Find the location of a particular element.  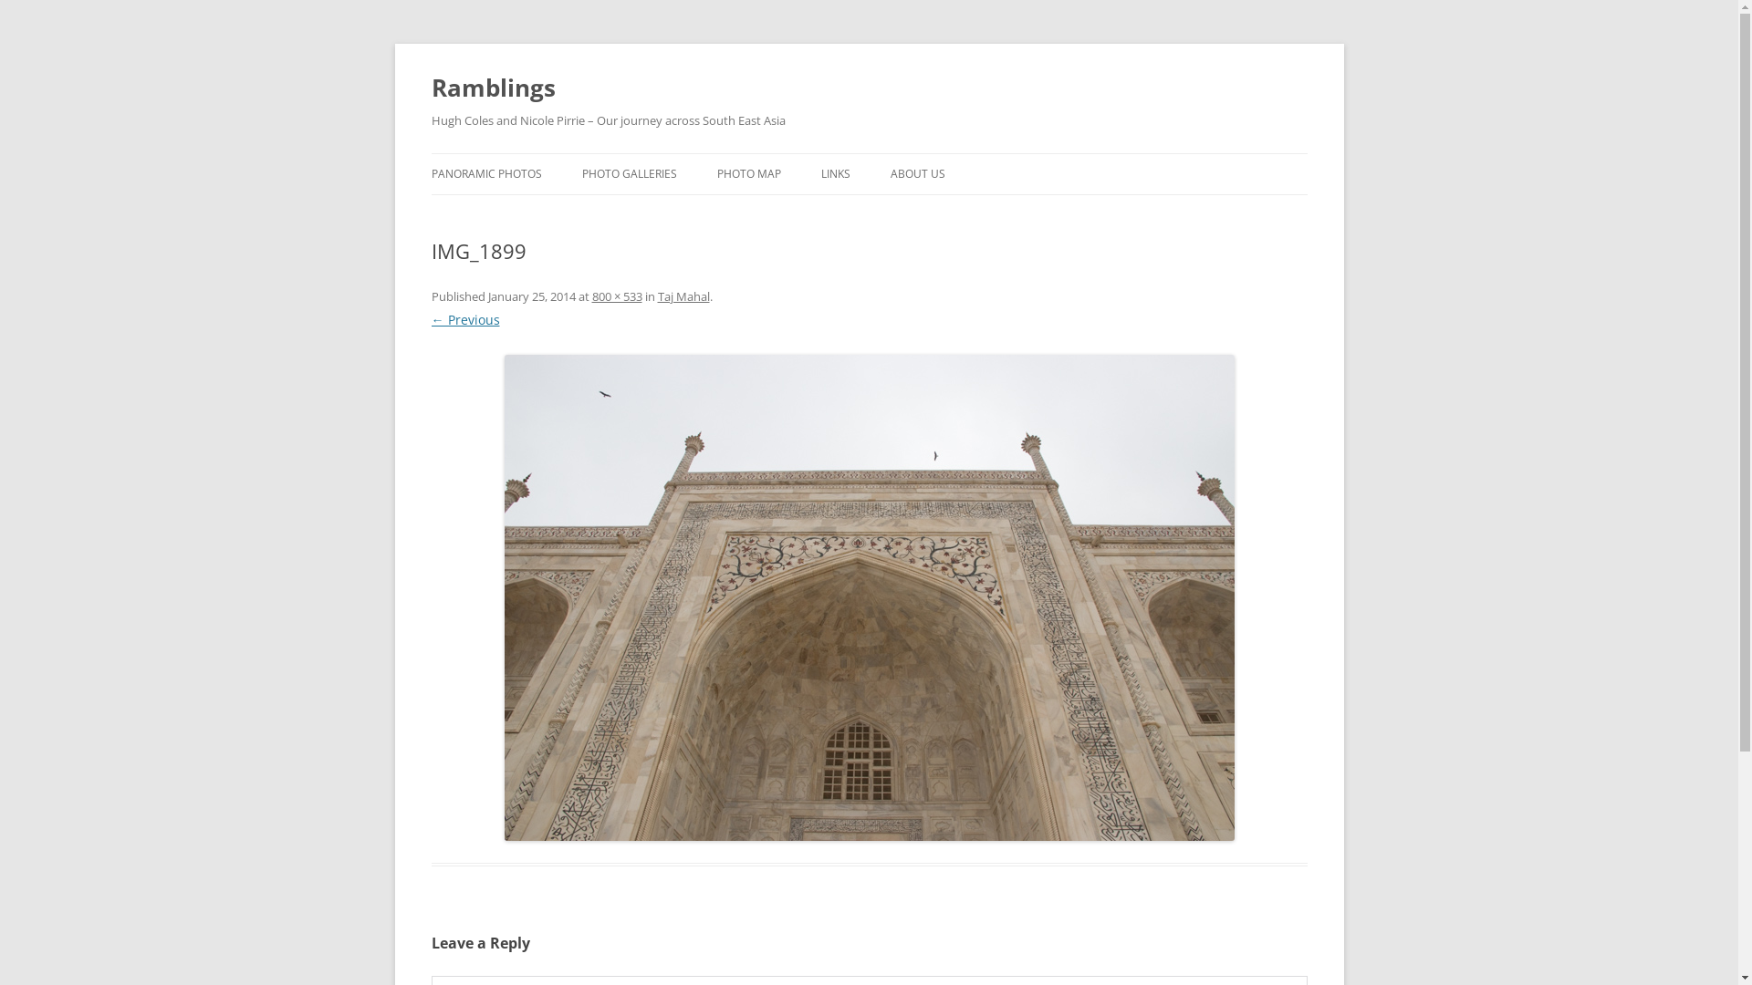

'INDIA' is located at coordinates (673, 212).